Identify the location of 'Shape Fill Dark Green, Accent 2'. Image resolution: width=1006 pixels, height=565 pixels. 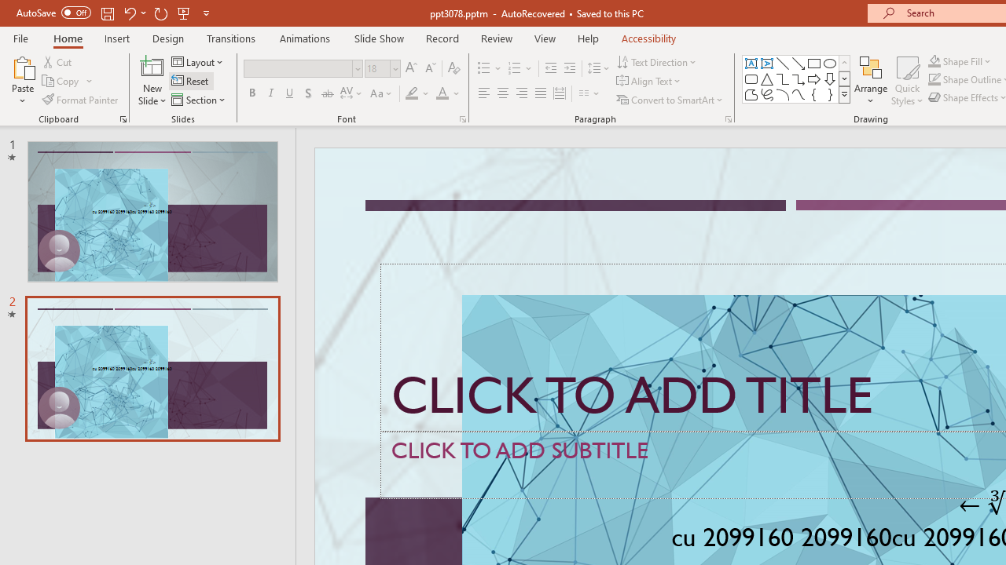
(934, 60).